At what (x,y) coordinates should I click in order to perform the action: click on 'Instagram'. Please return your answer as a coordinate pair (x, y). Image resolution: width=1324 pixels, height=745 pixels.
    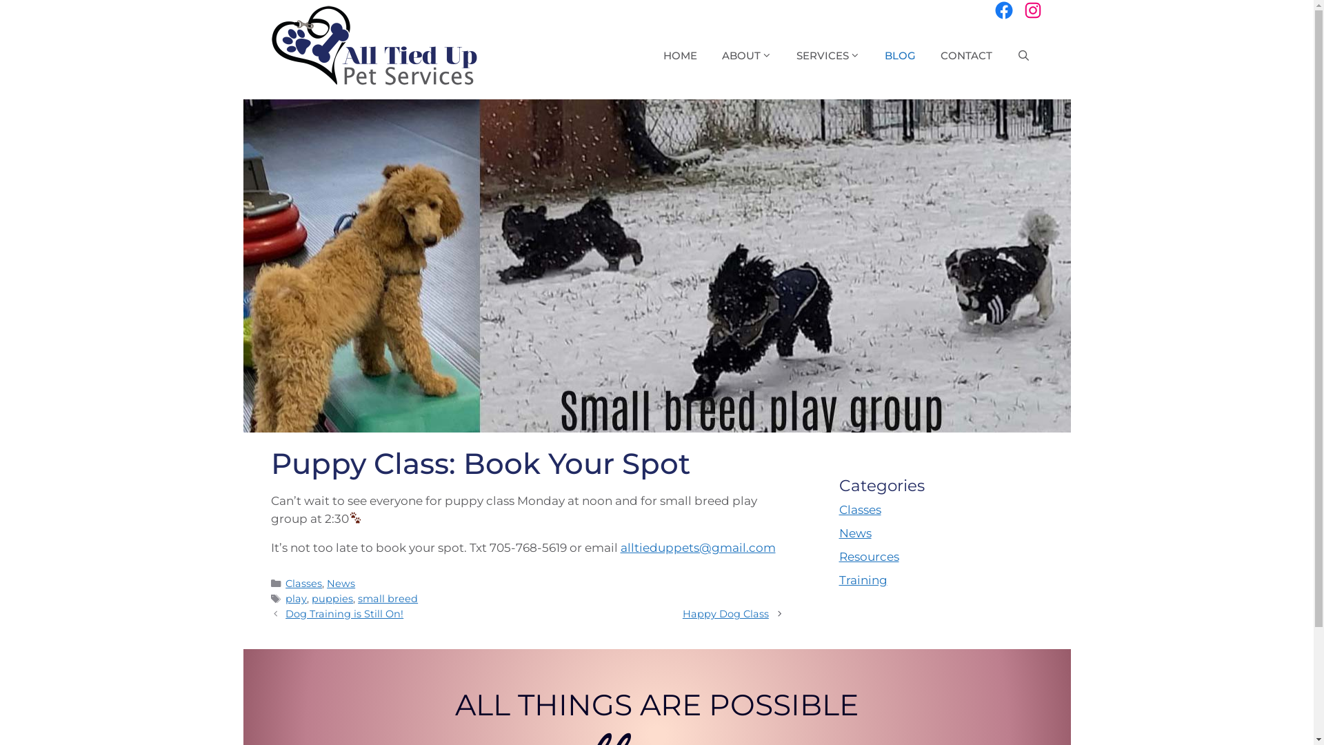
    Looking at the image, I should click on (1032, 10).